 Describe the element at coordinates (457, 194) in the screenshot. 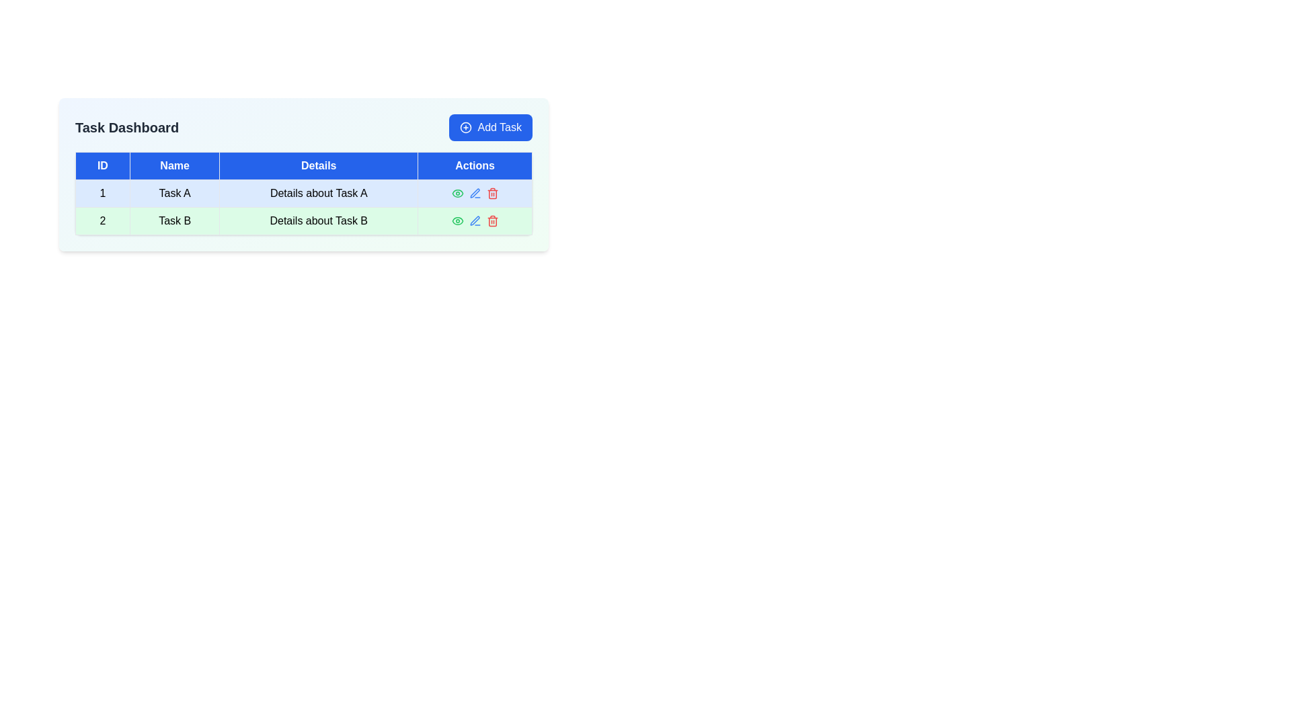

I see `the green eye icon, which is the first action icon in the second row of the table under the 'Actions' column` at that location.